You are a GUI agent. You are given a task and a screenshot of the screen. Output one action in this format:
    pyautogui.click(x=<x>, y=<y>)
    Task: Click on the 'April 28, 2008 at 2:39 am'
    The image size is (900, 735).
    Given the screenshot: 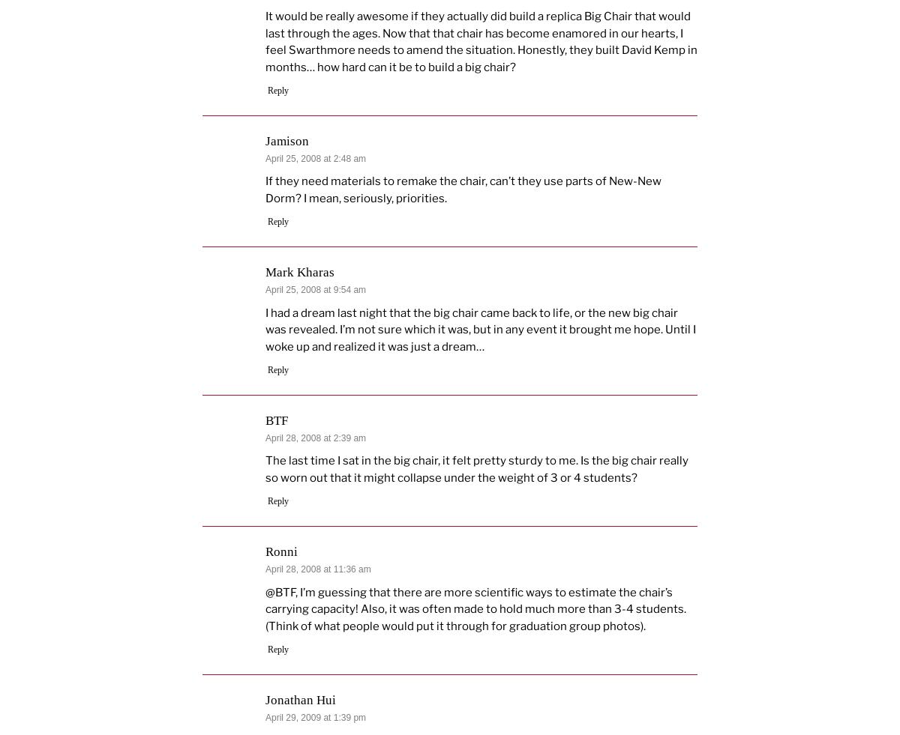 What is the action you would take?
    pyautogui.click(x=315, y=437)
    